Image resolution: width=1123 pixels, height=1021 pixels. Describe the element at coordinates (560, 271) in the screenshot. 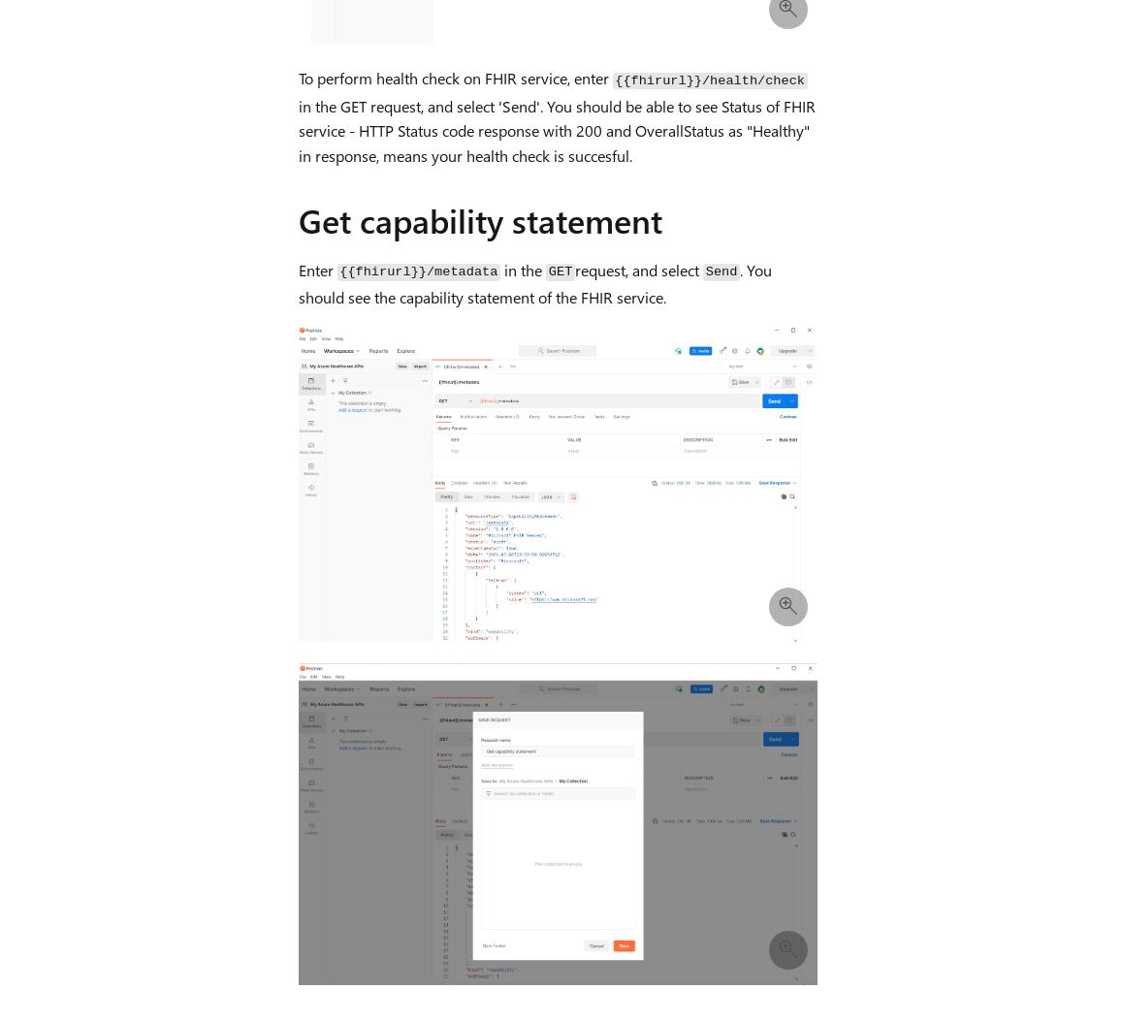

I see `'GET'` at that location.